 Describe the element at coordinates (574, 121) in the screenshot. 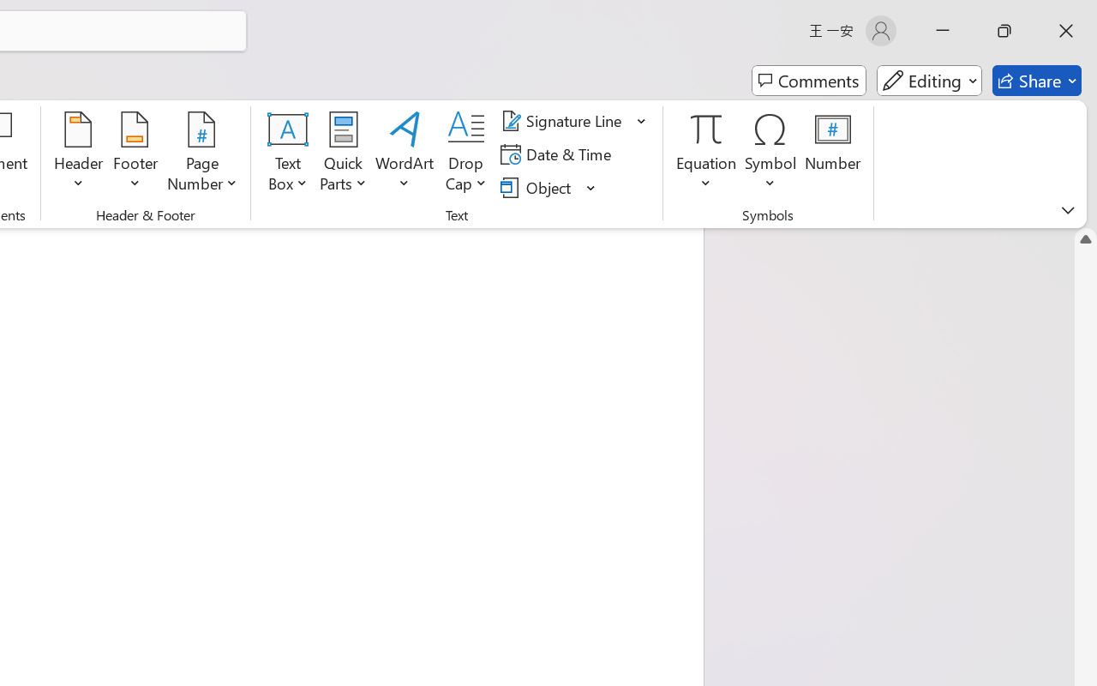

I see `'Signature Line'` at that location.